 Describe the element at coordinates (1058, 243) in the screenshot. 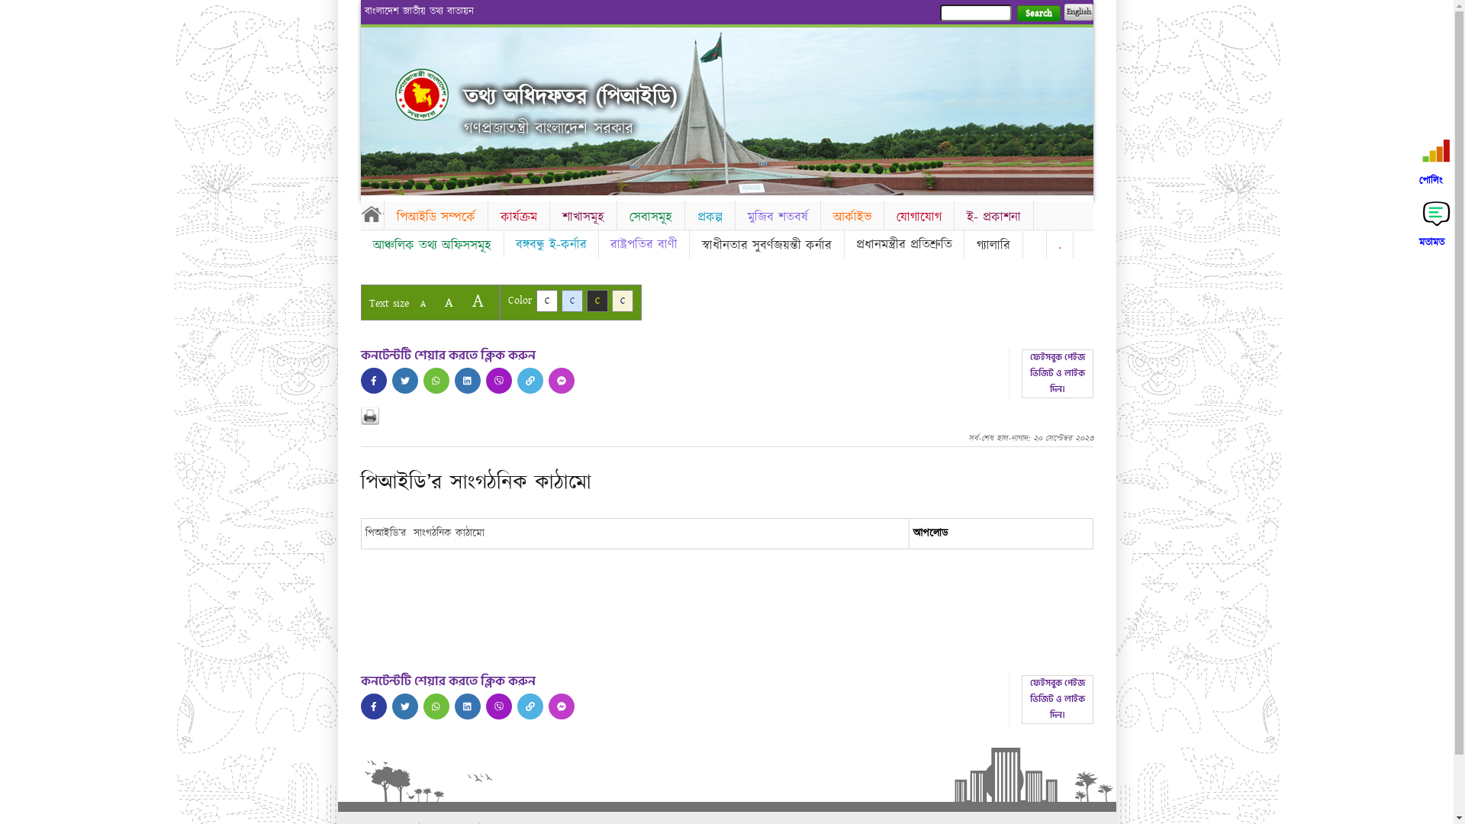

I see `'.'` at that location.